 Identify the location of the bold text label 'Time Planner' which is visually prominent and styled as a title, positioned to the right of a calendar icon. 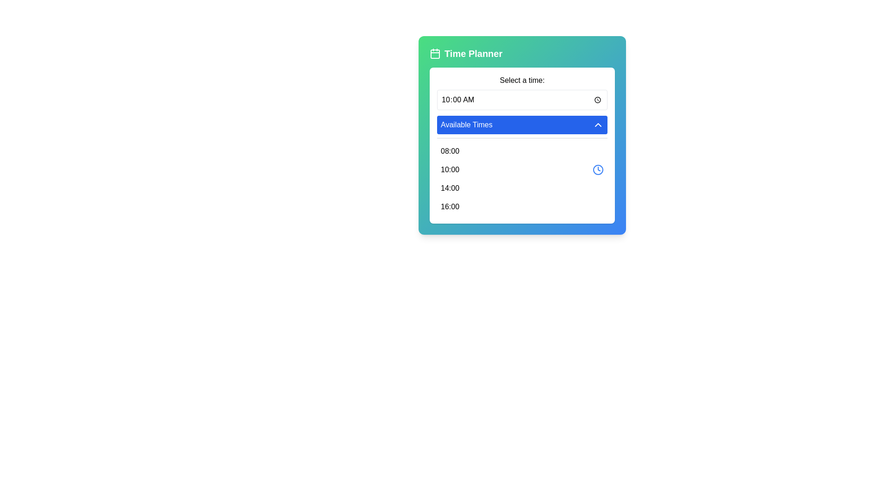
(473, 53).